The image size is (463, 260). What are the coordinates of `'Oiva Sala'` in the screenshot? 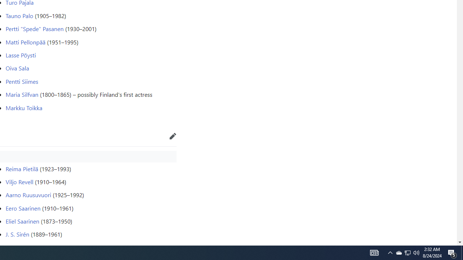 It's located at (17, 68).